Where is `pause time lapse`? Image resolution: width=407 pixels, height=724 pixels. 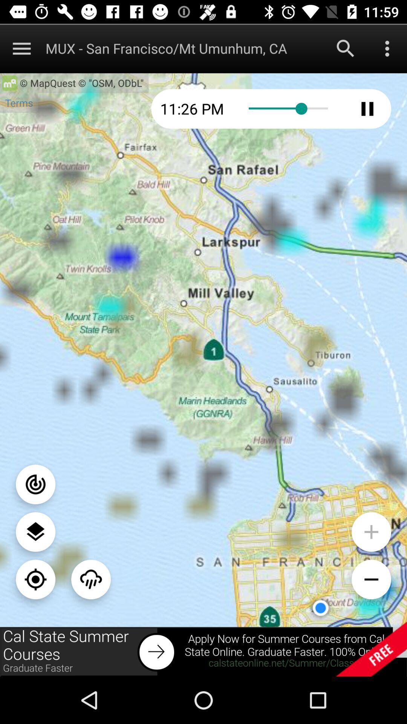 pause time lapse is located at coordinates (367, 108).